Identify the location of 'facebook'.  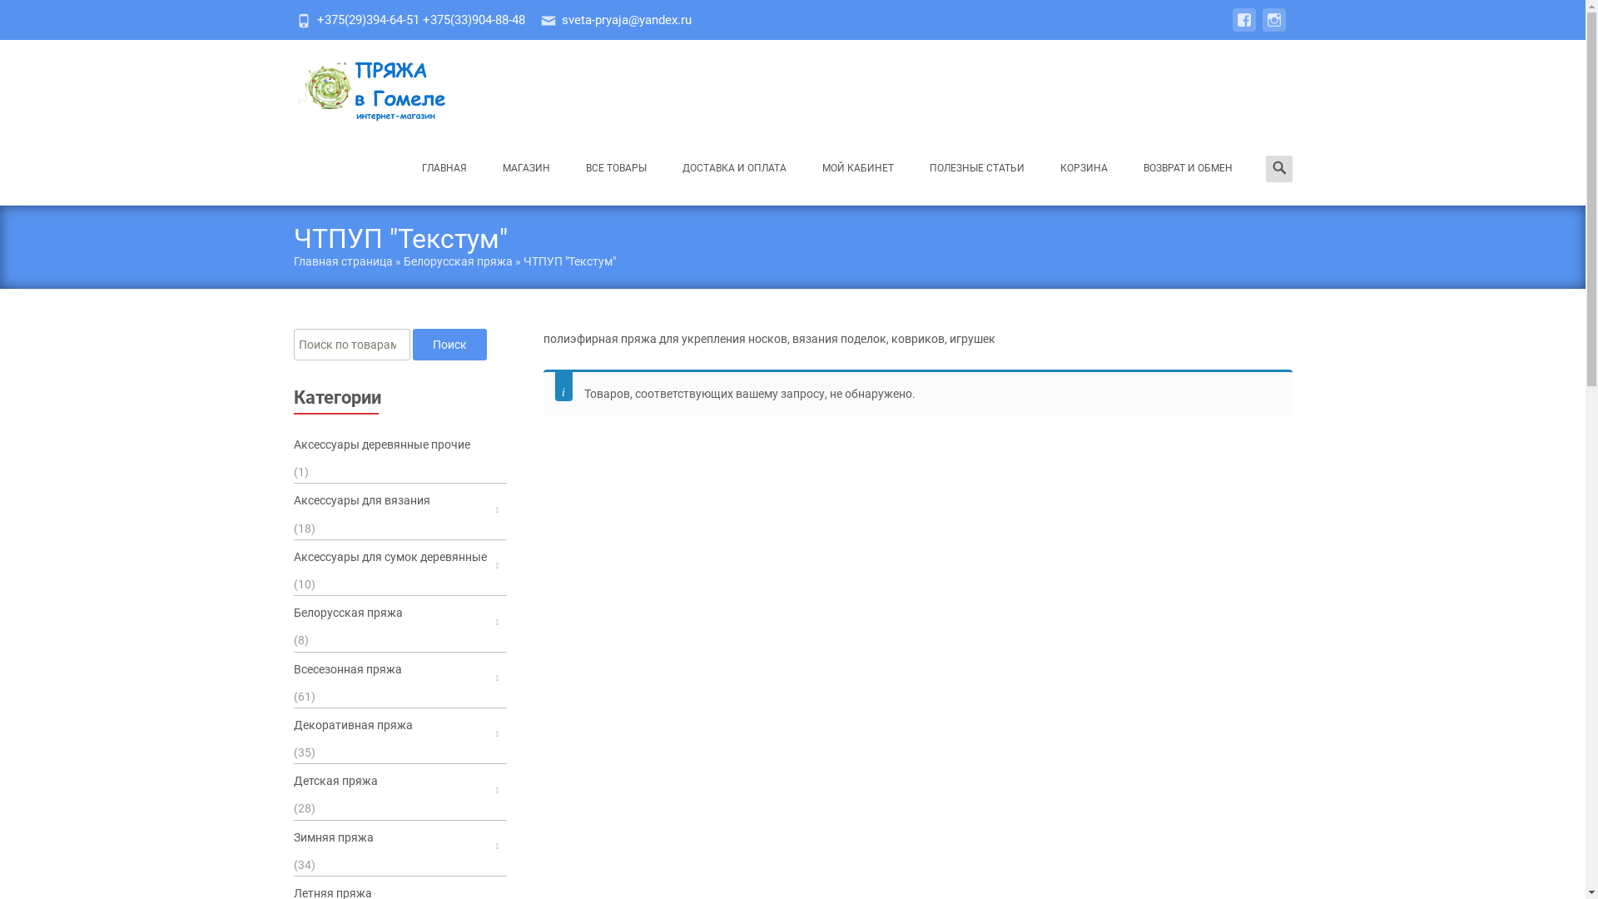
(1231, 28).